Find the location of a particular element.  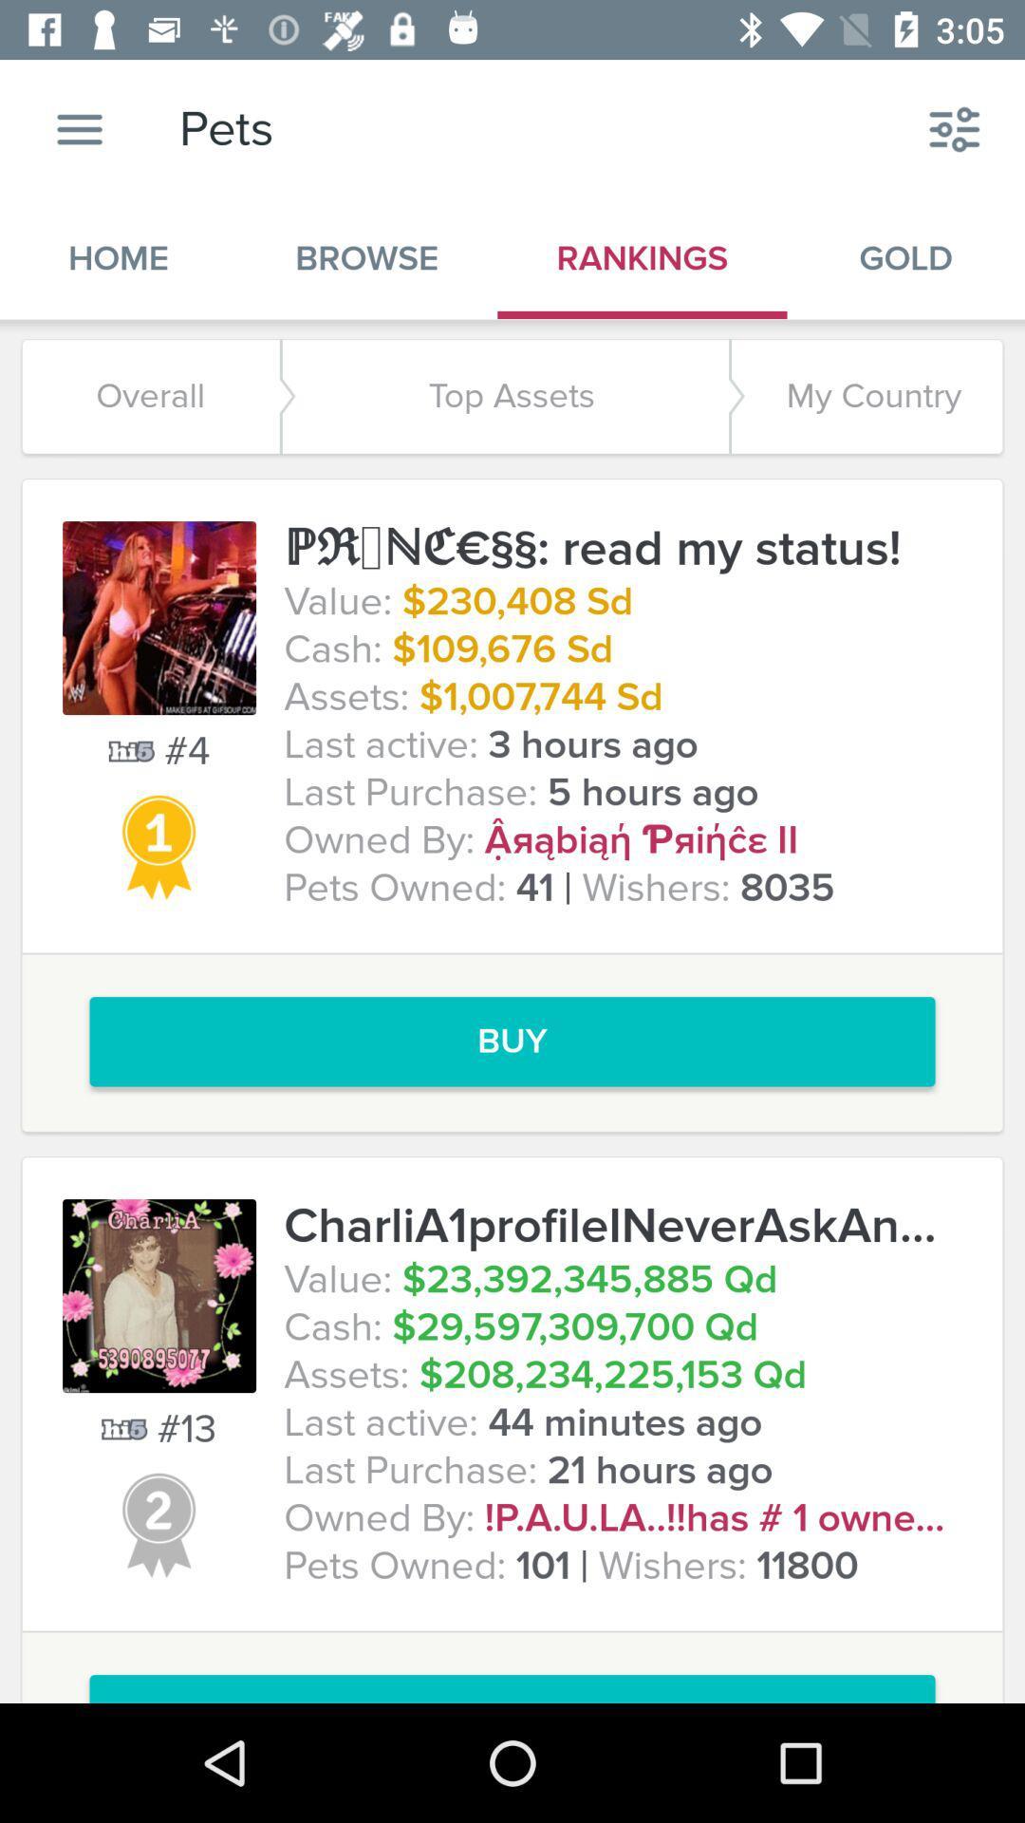

the icon above the gold item is located at coordinates (955, 128).